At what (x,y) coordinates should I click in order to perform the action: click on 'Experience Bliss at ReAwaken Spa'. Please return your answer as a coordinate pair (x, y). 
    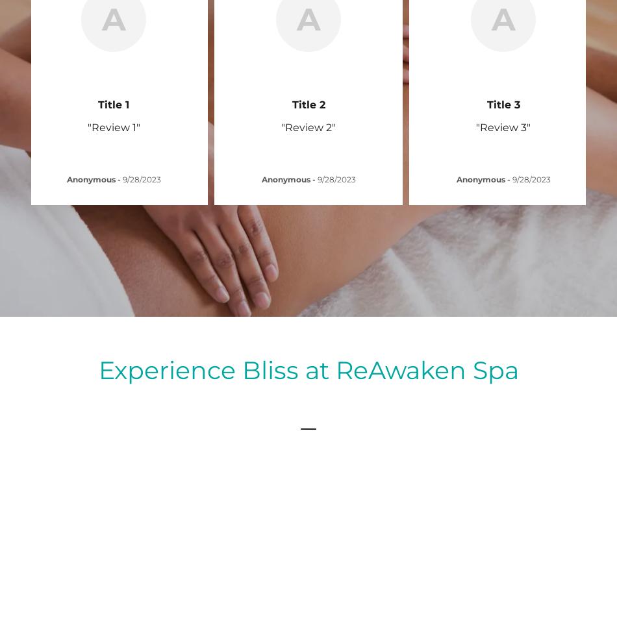
    Looking at the image, I should click on (307, 369).